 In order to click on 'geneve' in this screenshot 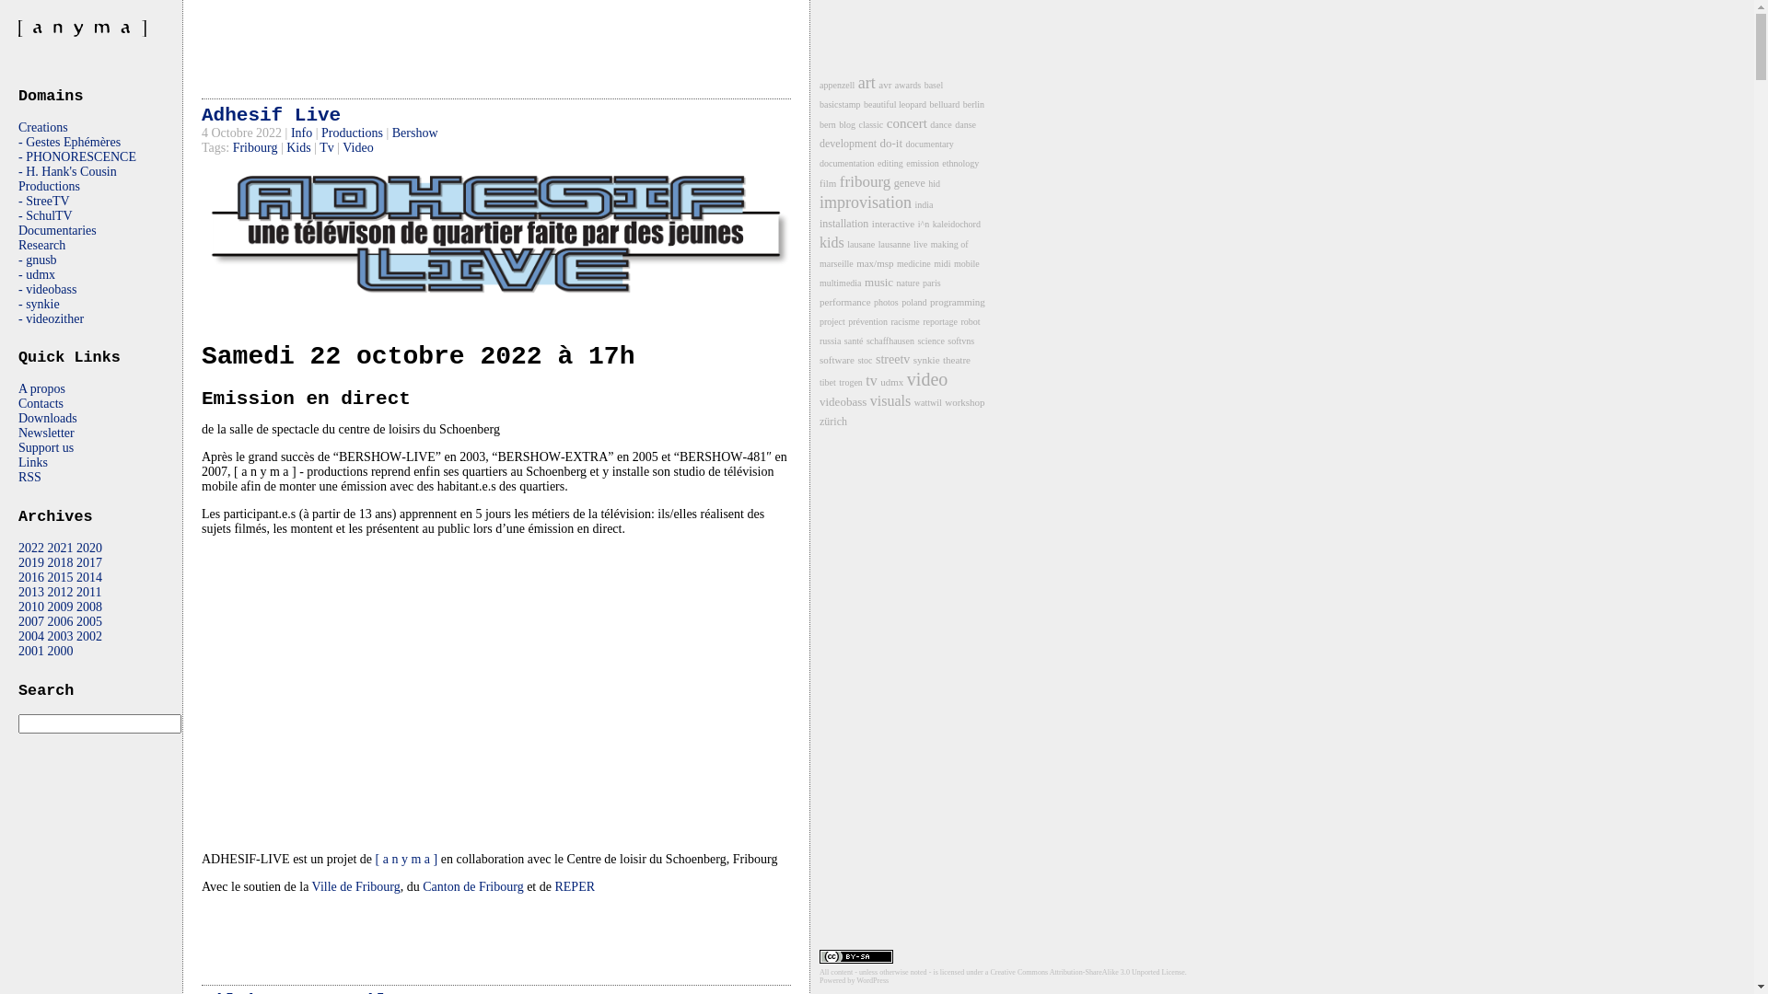, I will do `click(910, 183)`.